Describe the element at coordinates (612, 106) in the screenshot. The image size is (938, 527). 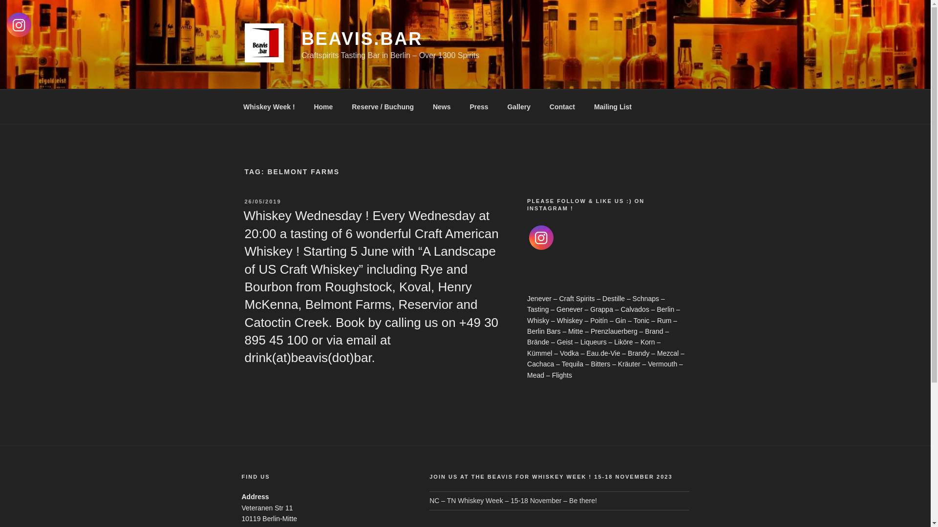
I see `'Mailing List'` at that location.